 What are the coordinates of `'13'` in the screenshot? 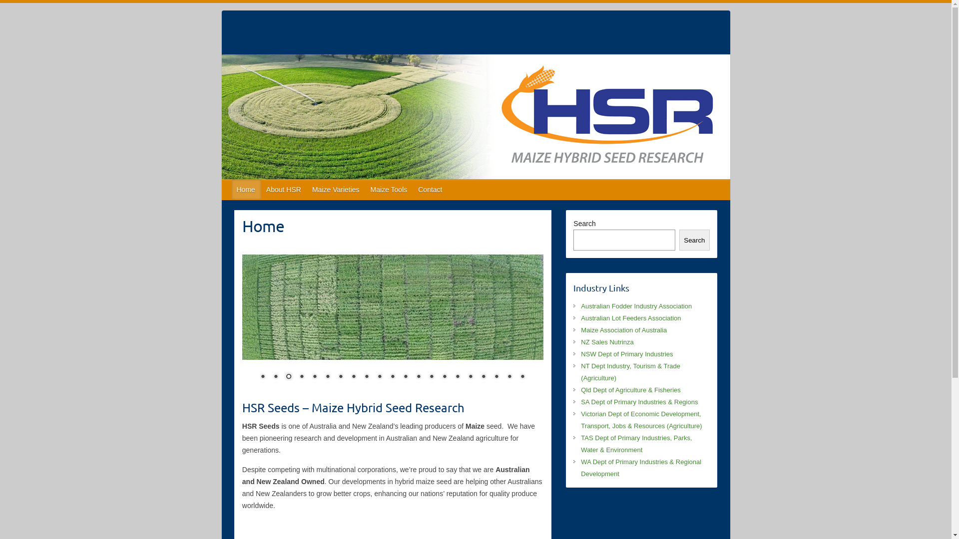 It's located at (419, 377).